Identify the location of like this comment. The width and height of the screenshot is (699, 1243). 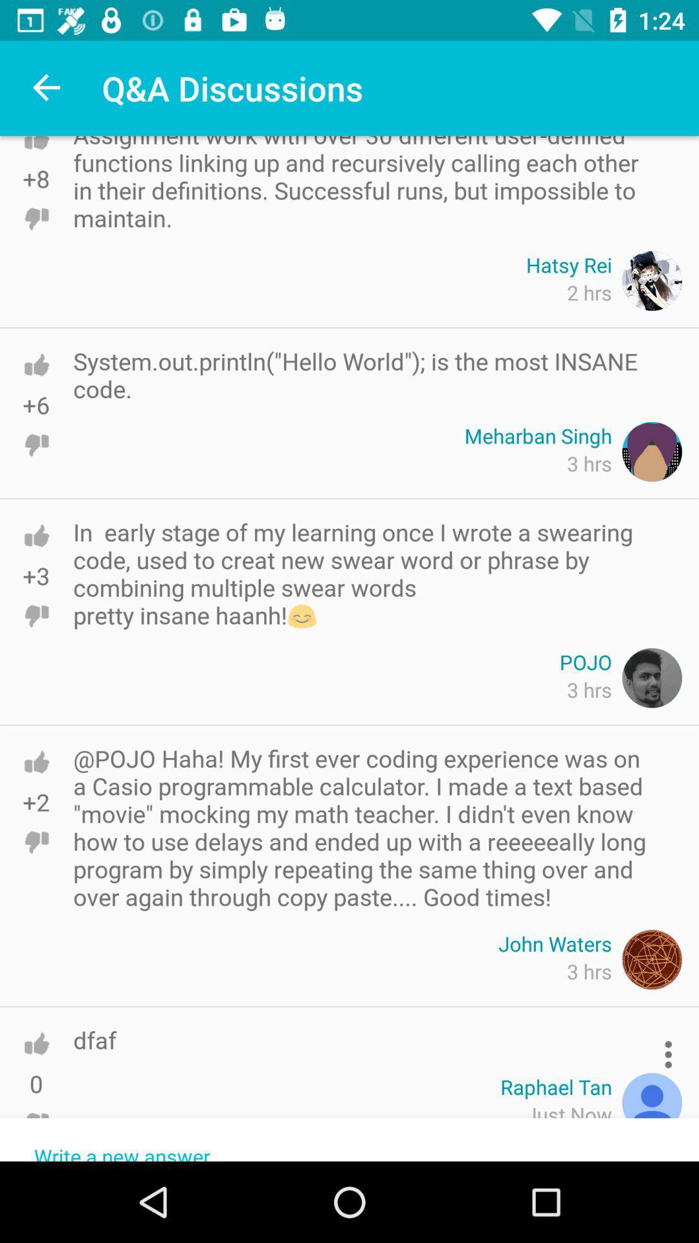
(36, 155).